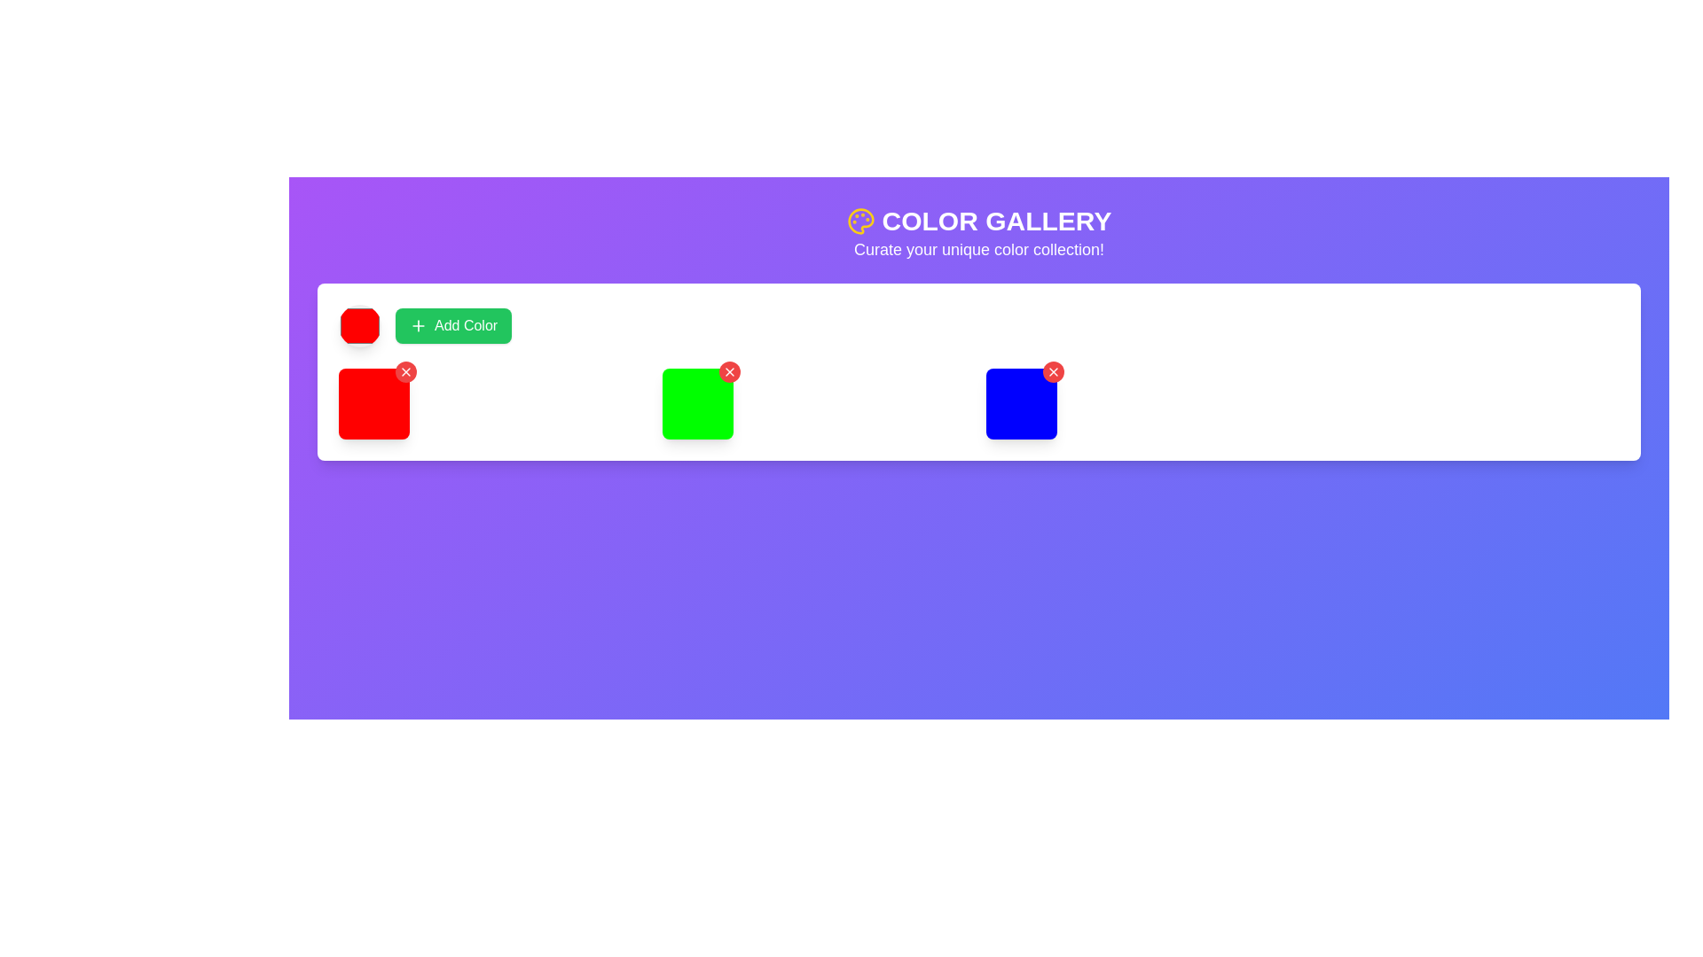  What do you see at coordinates (860, 221) in the screenshot?
I see `the decorative artist's palette icon located to the left of the 'COLOR GALLERY' title in the top central portion of the interface` at bounding box center [860, 221].